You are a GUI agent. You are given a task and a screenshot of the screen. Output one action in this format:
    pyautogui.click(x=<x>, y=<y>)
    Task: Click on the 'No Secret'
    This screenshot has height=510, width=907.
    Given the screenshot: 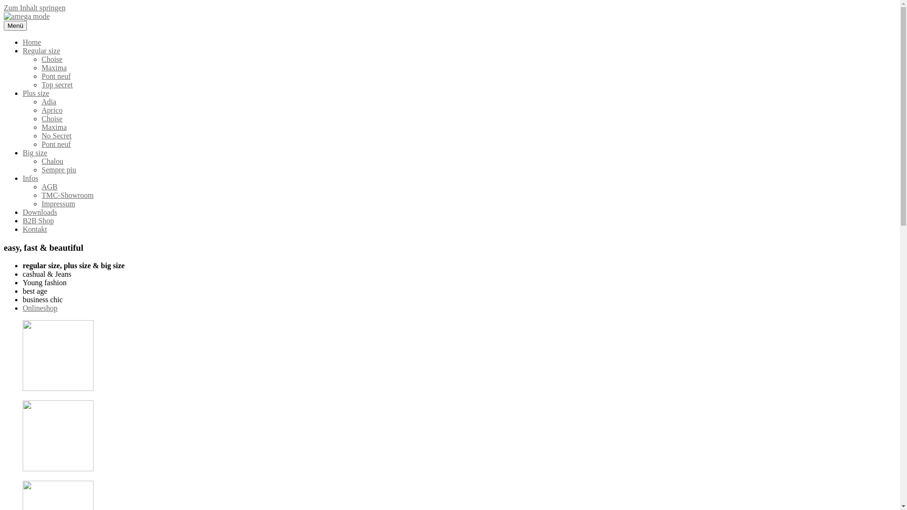 What is the action you would take?
    pyautogui.click(x=56, y=136)
    